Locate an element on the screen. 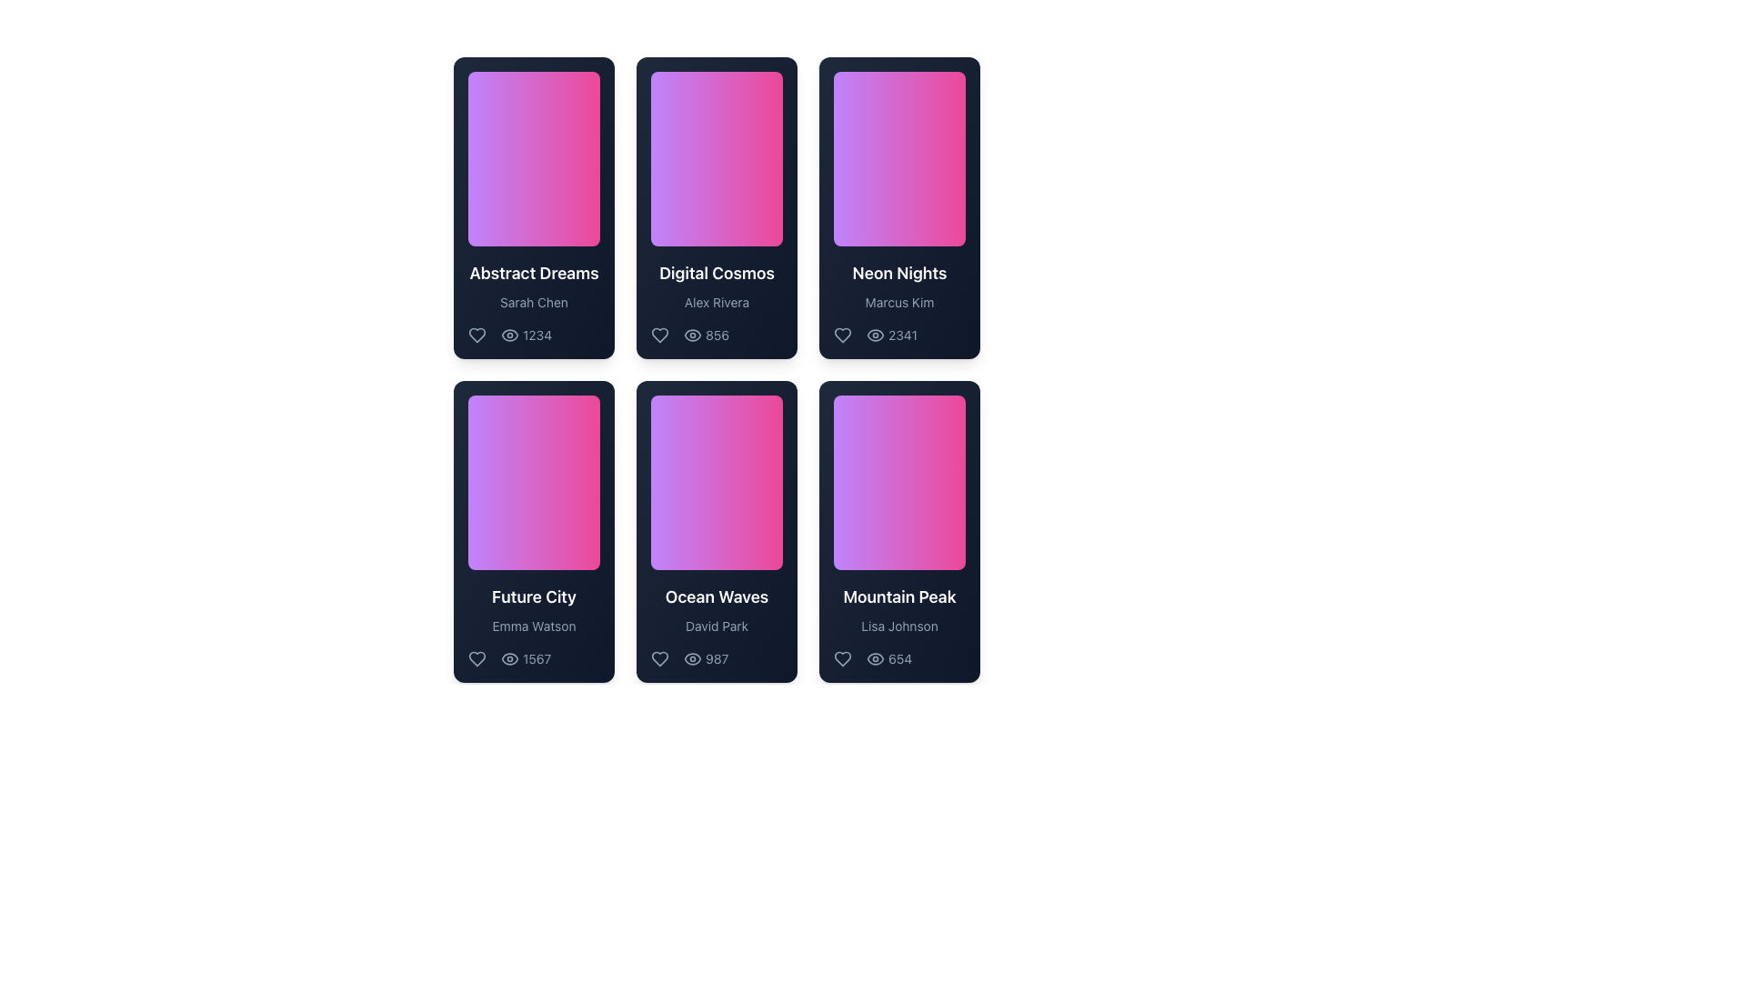 The height and width of the screenshot is (982, 1746). numerical value displayed in the text element representing the number of views associated with the 'Ocean Waves' card, located to the right of the eye icon in the second row, middle column of the grid layout is located at coordinates (716, 659).